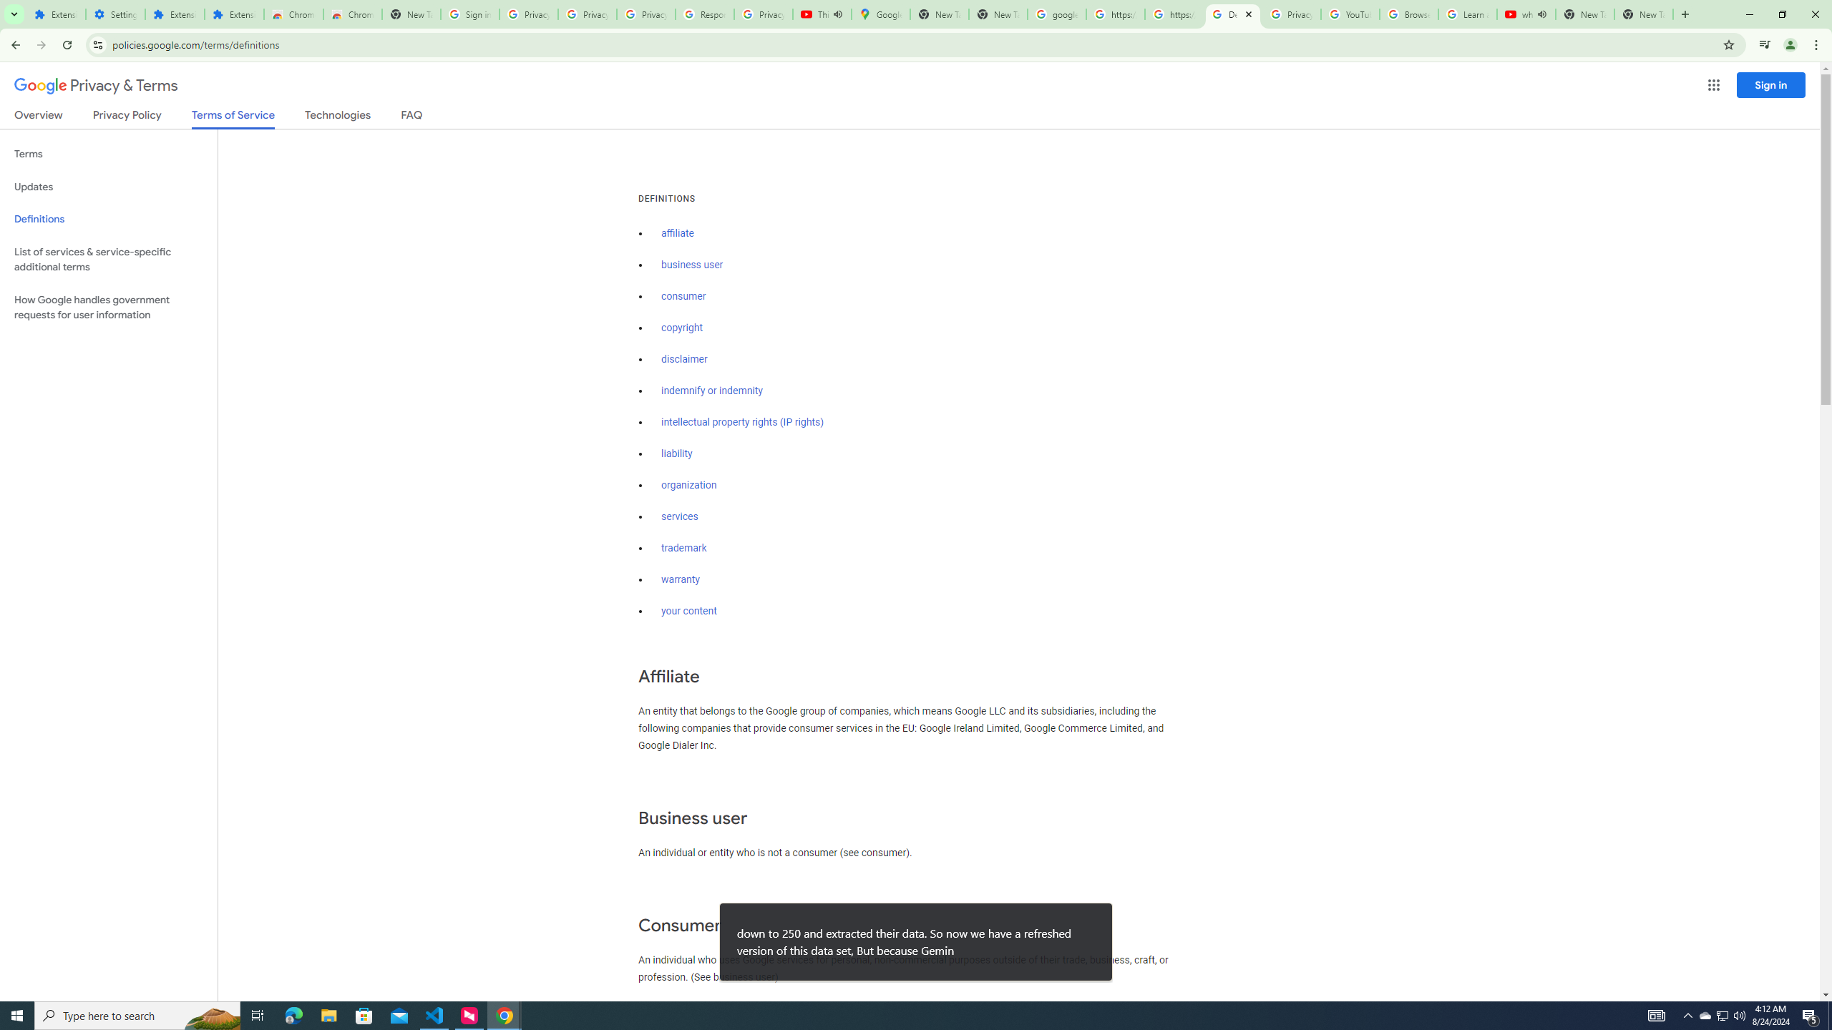 Image resolution: width=1832 pixels, height=1030 pixels. What do you see at coordinates (352, 14) in the screenshot?
I see `'Chrome Web Store - Themes'` at bounding box center [352, 14].